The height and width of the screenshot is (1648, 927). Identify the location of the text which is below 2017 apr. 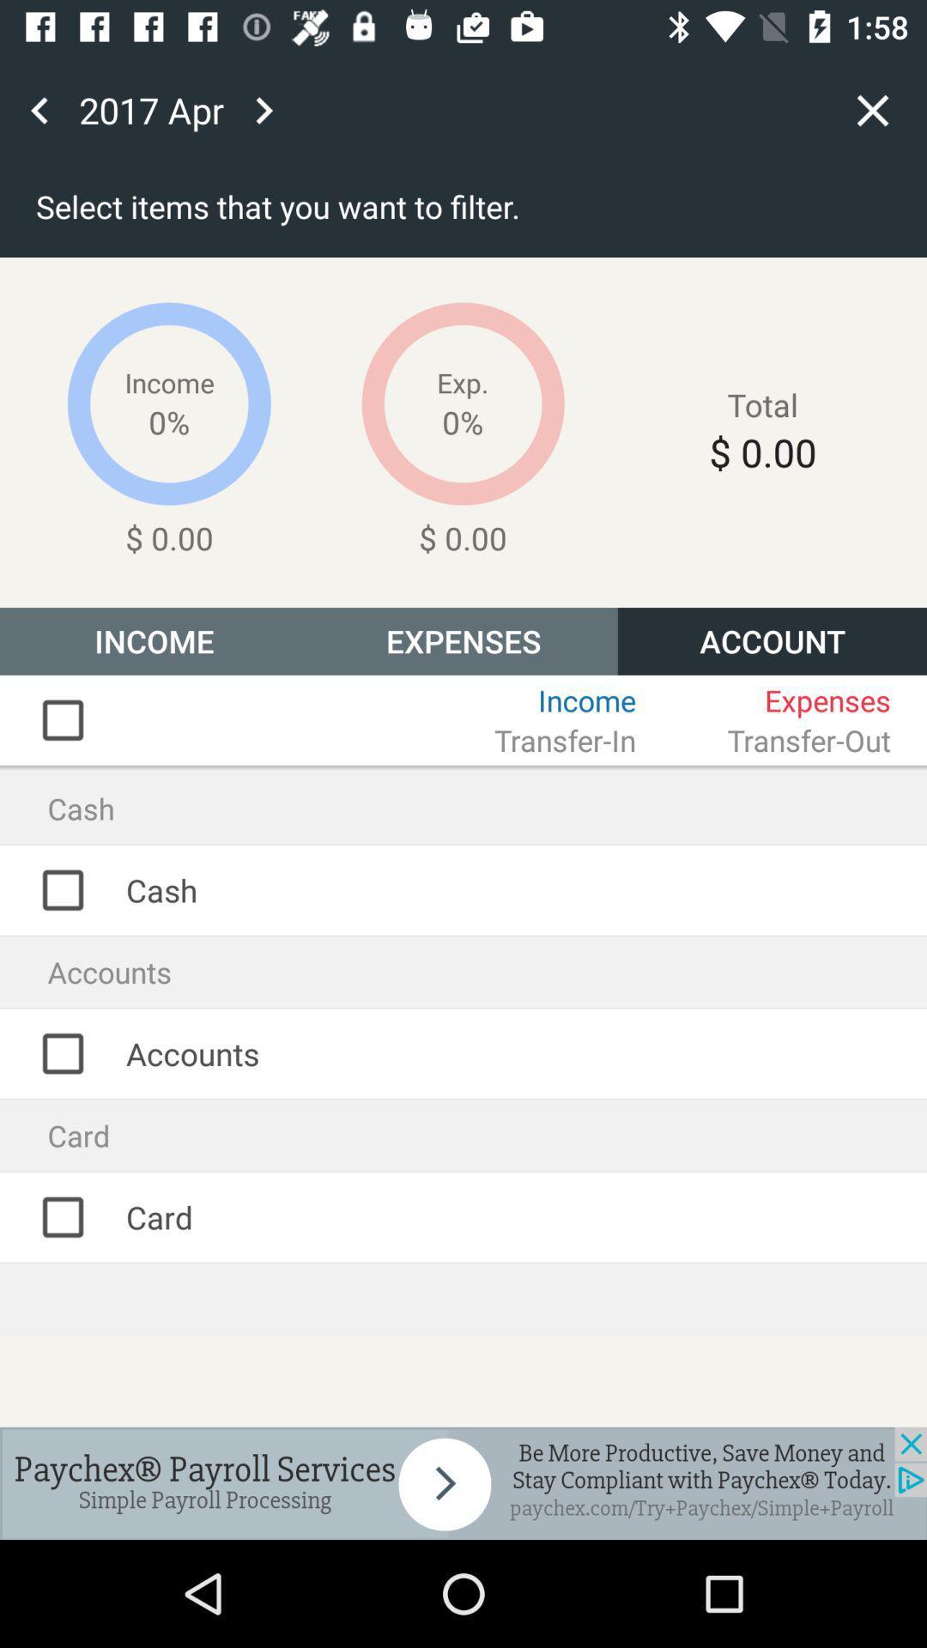
(579, 210).